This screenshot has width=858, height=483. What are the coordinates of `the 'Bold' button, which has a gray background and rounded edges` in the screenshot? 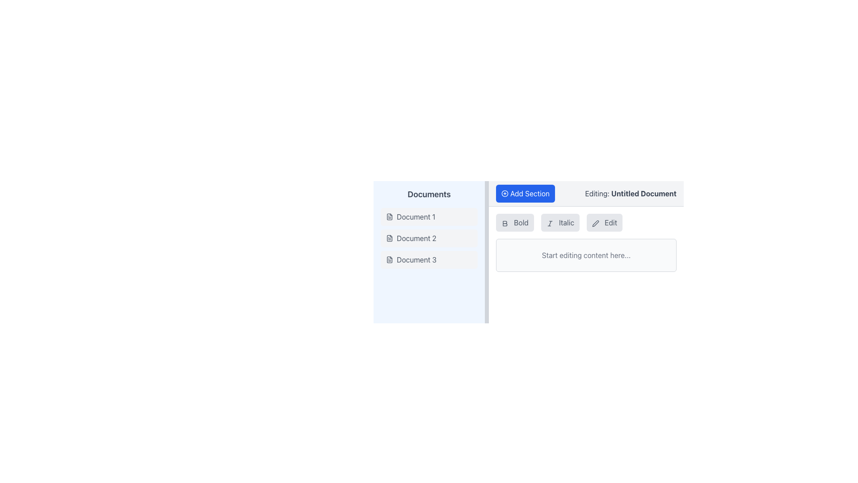 It's located at (515, 222).